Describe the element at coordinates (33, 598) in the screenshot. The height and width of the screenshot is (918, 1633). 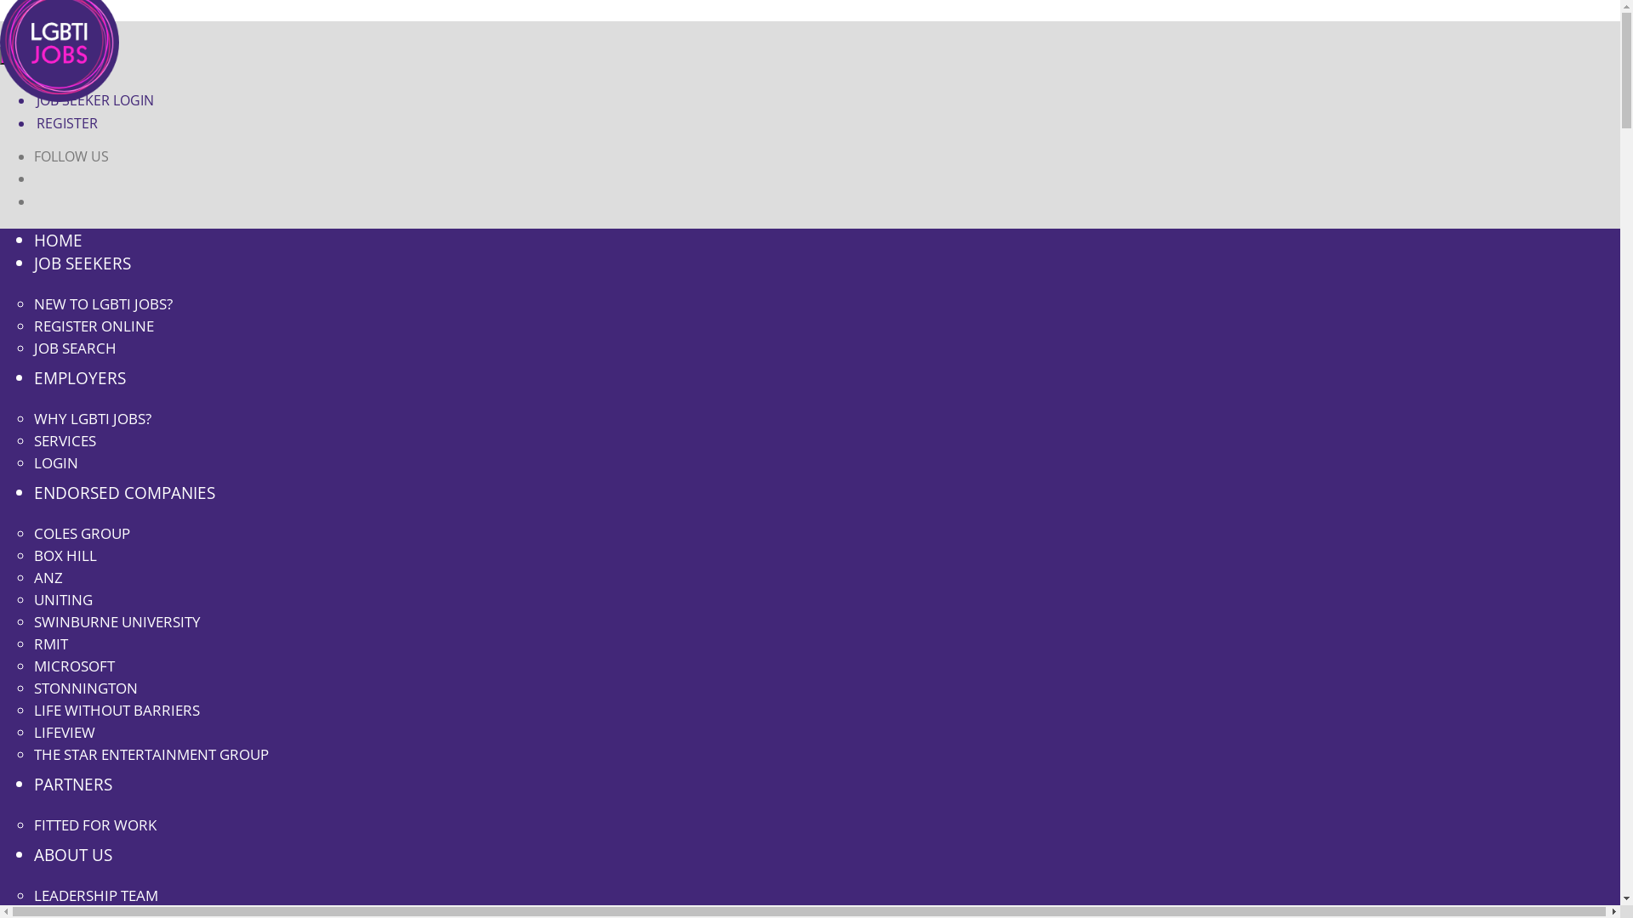
I see `'UNITING'` at that location.